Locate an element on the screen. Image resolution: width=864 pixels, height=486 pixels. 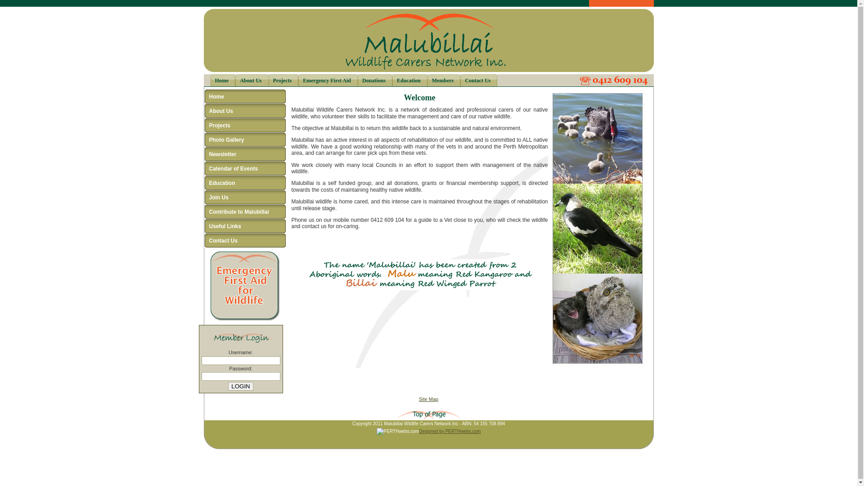
'Contribute to Malubillai' is located at coordinates (204, 211).